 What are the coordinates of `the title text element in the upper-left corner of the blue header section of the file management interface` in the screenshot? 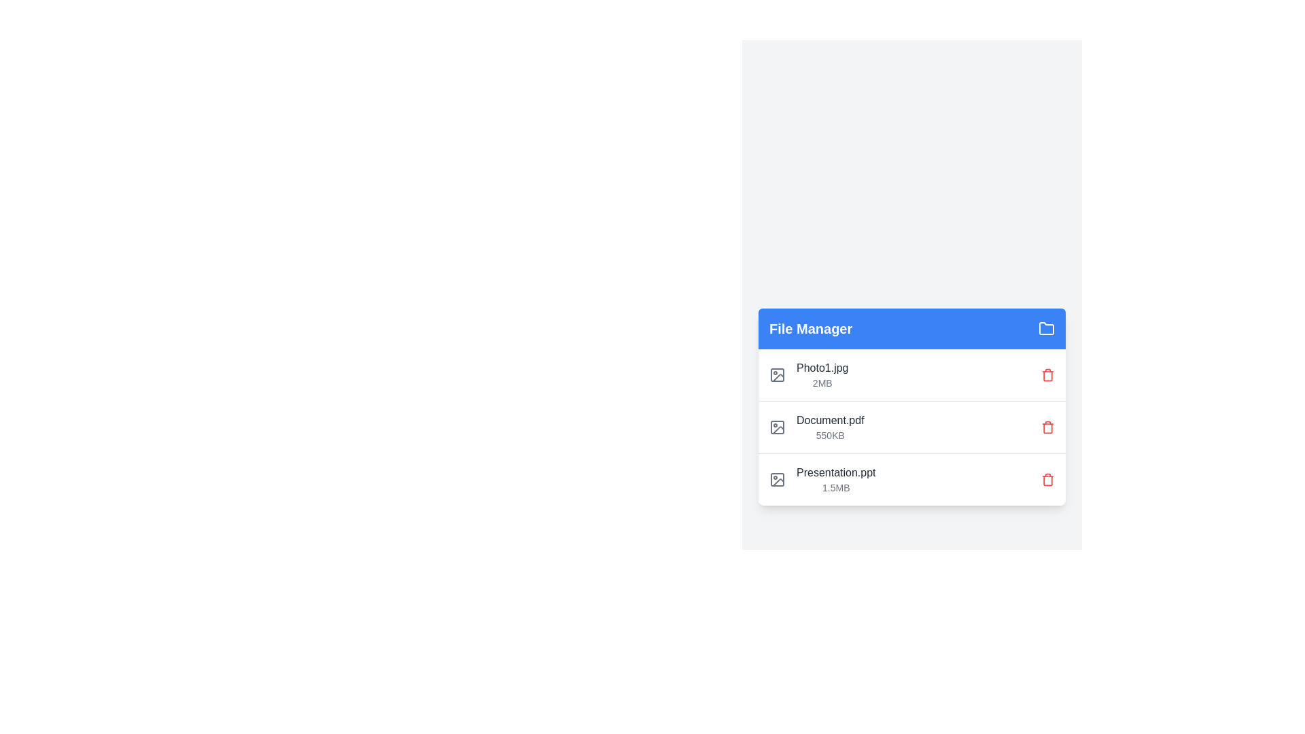 It's located at (811, 328).